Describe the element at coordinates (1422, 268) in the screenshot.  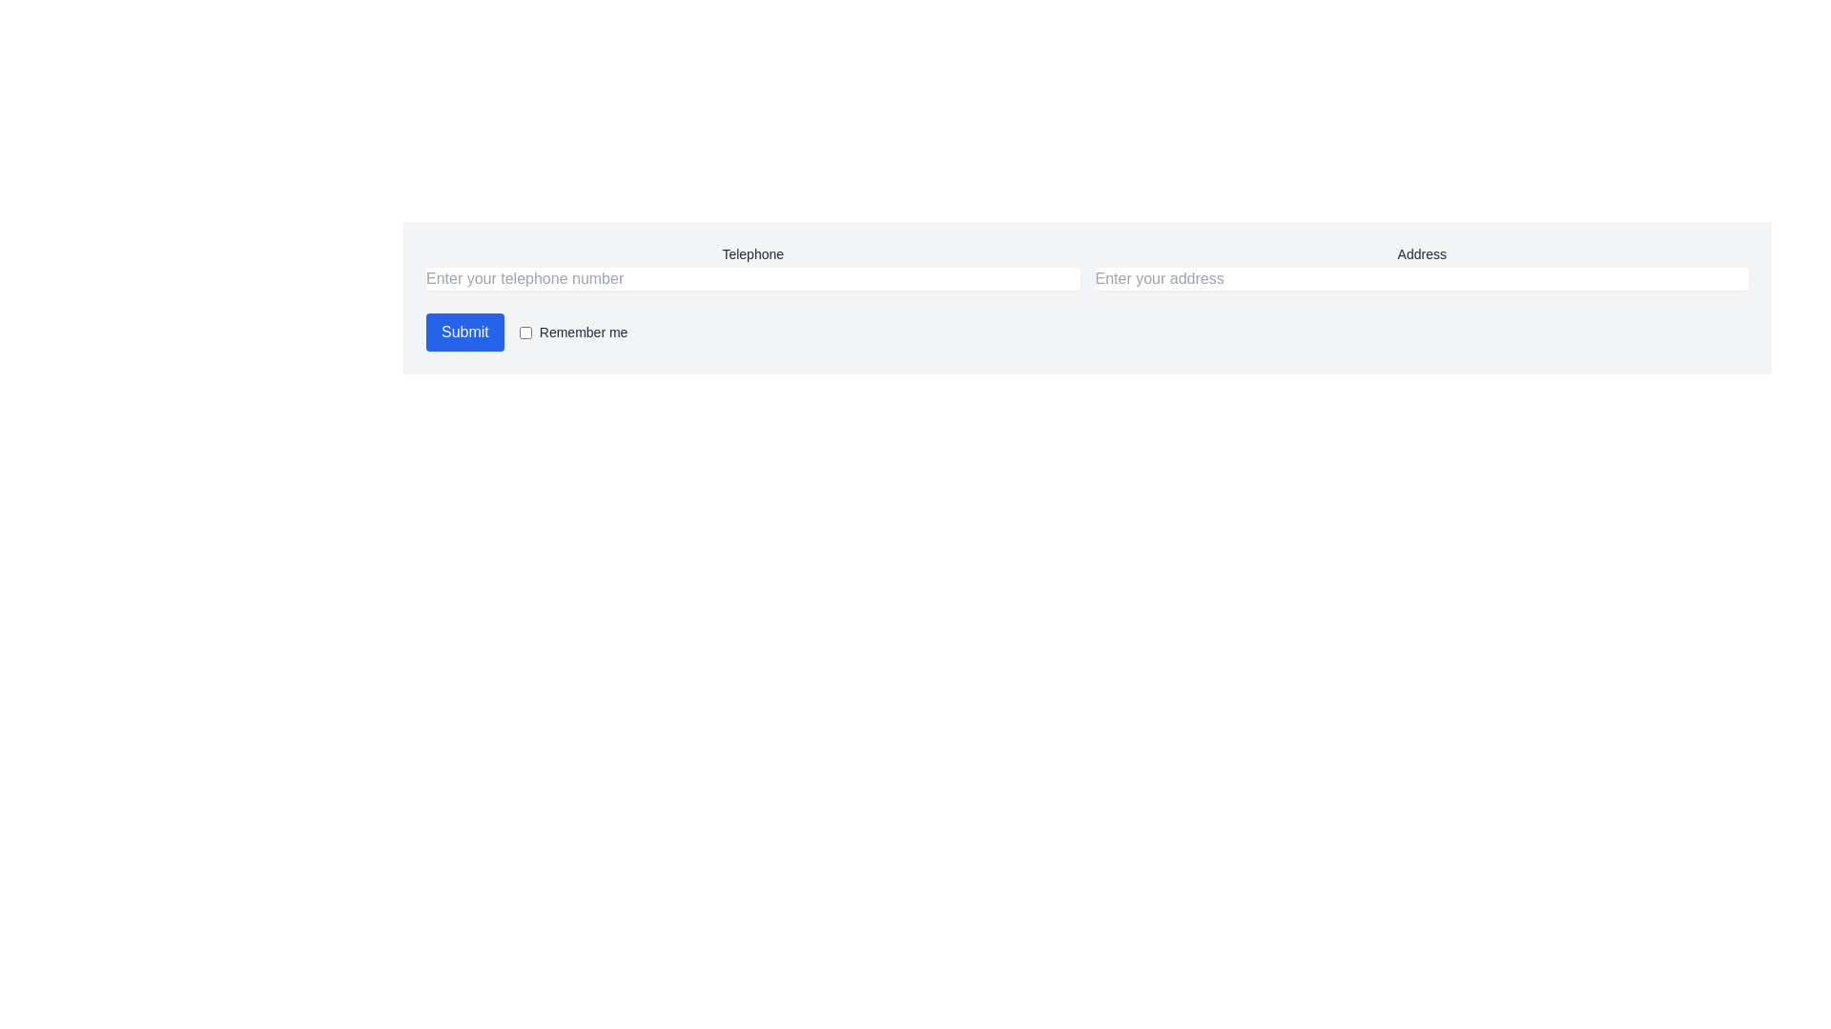
I see `the 'Address' input field, which is a rectangular text input with a light border and rounded corners` at that location.